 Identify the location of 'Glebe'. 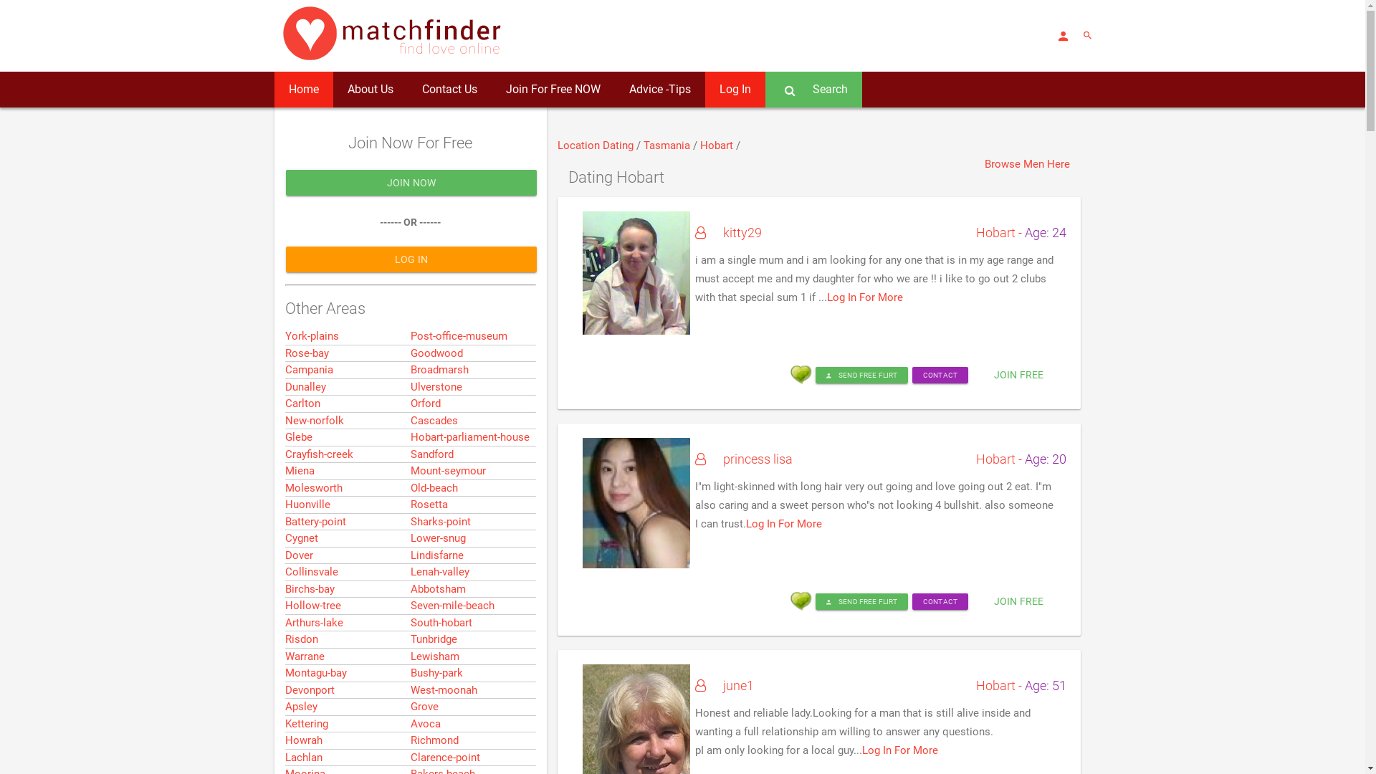
(298, 436).